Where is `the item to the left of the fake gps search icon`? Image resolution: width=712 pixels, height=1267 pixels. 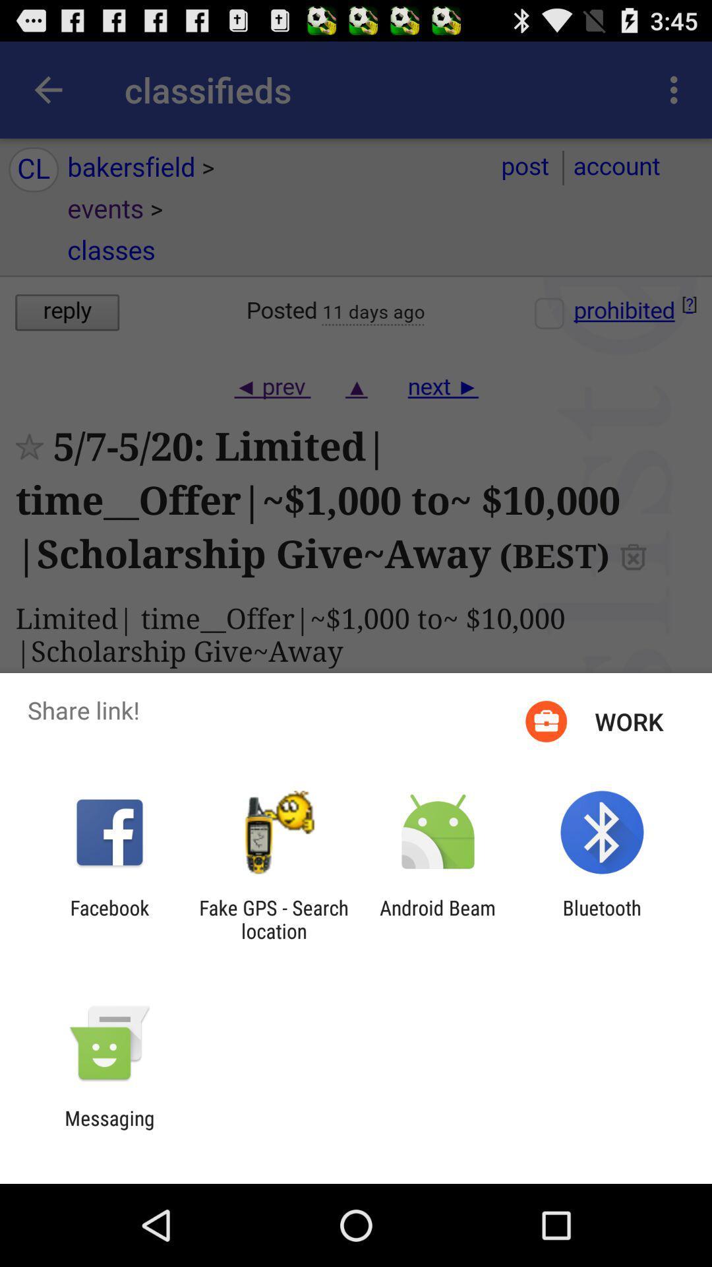
the item to the left of the fake gps search icon is located at coordinates (109, 919).